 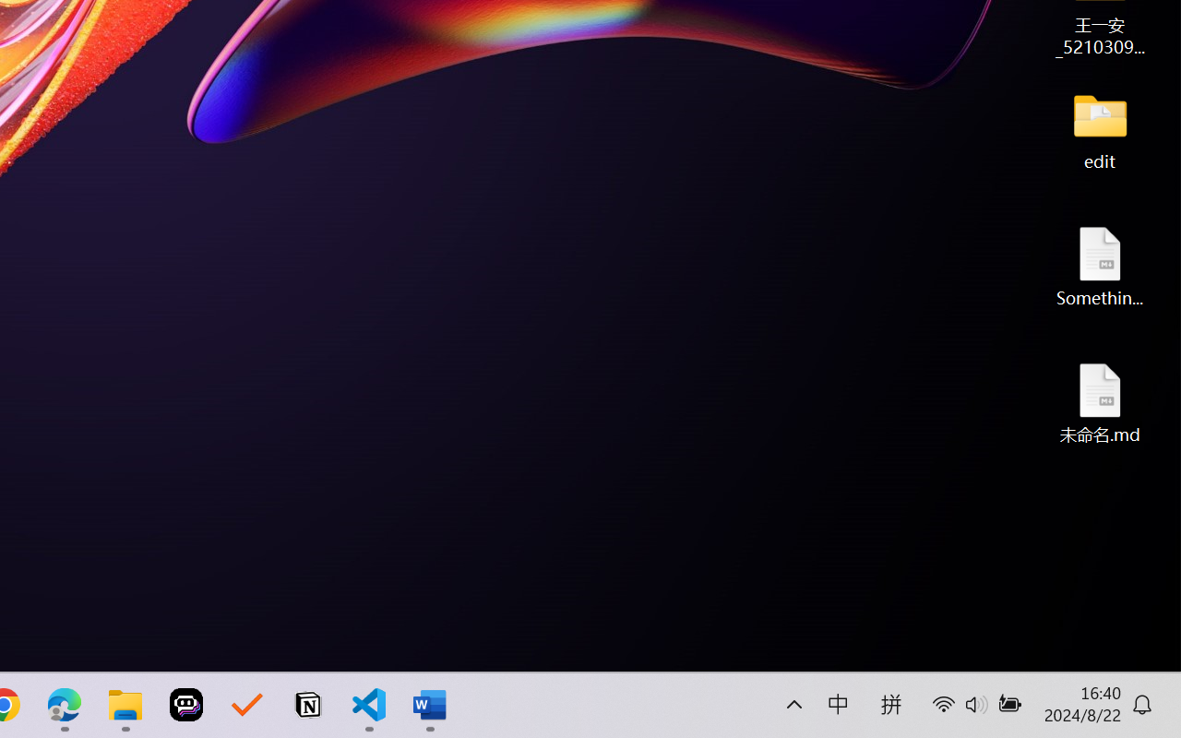 What do you see at coordinates (1100, 266) in the screenshot?
I see `'Something.md'` at bounding box center [1100, 266].